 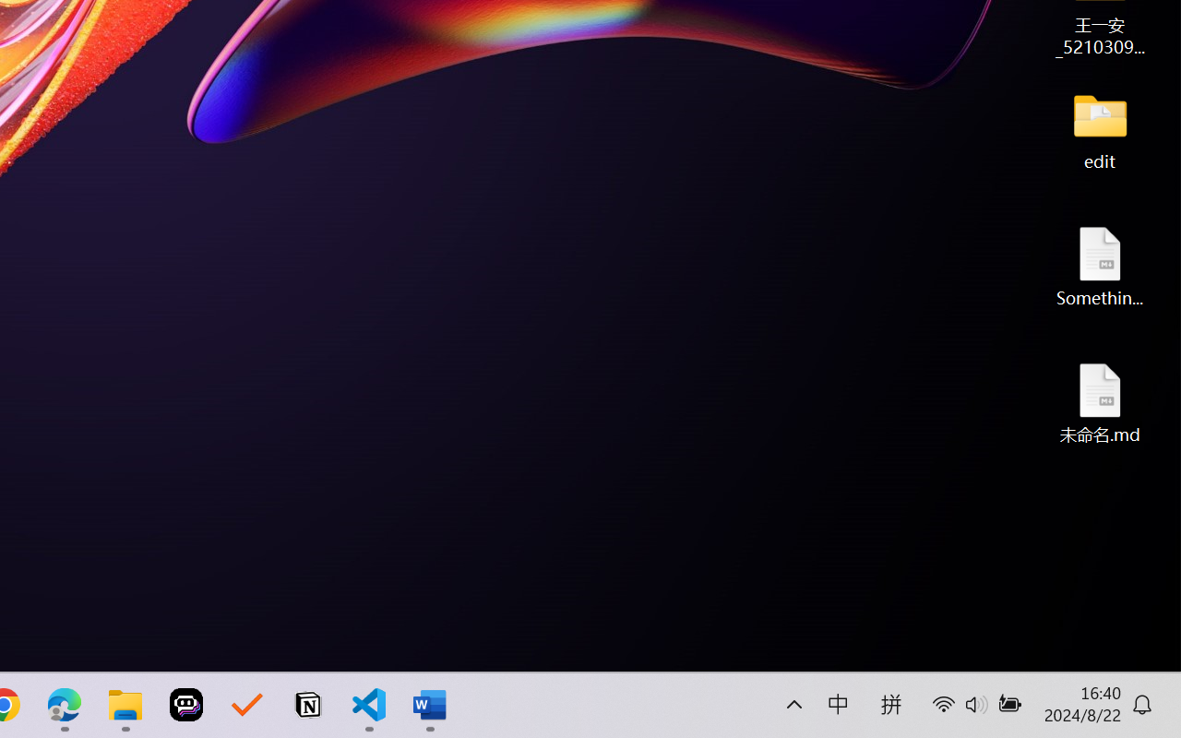 What do you see at coordinates (1100, 266) in the screenshot?
I see `'Something.md'` at bounding box center [1100, 266].